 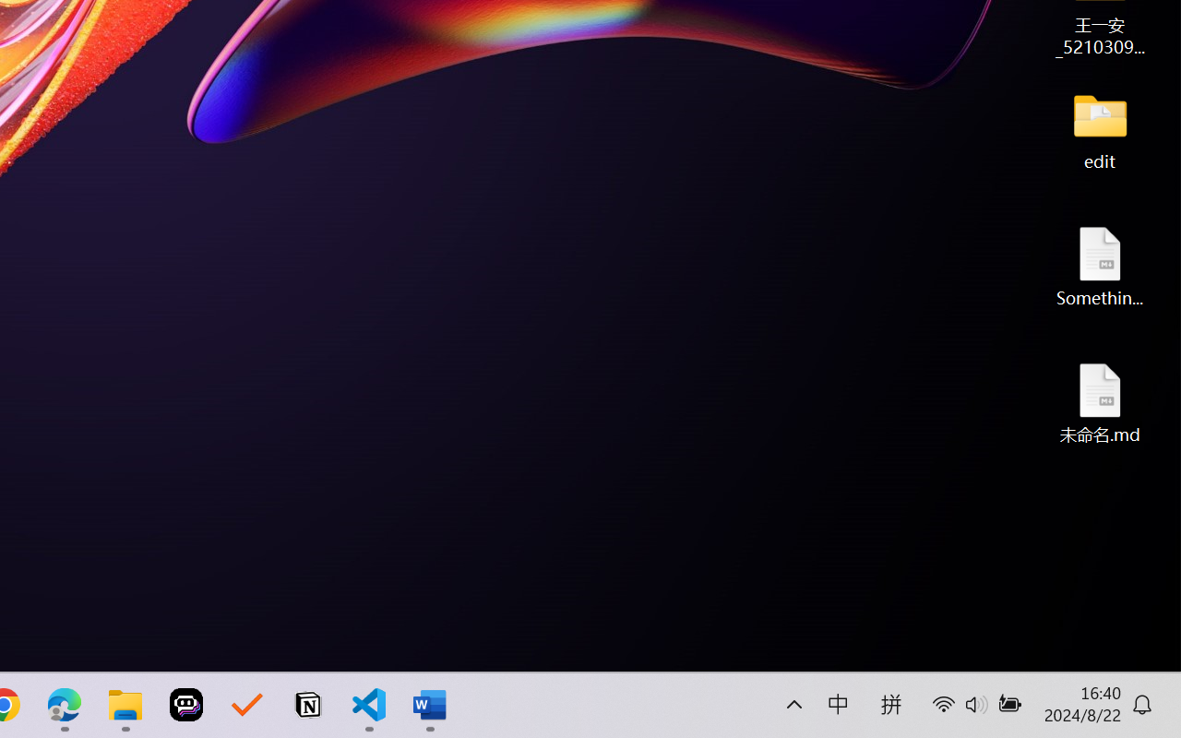 What do you see at coordinates (1100, 266) in the screenshot?
I see `'Something.md'` at bounding box center [1100, 266].